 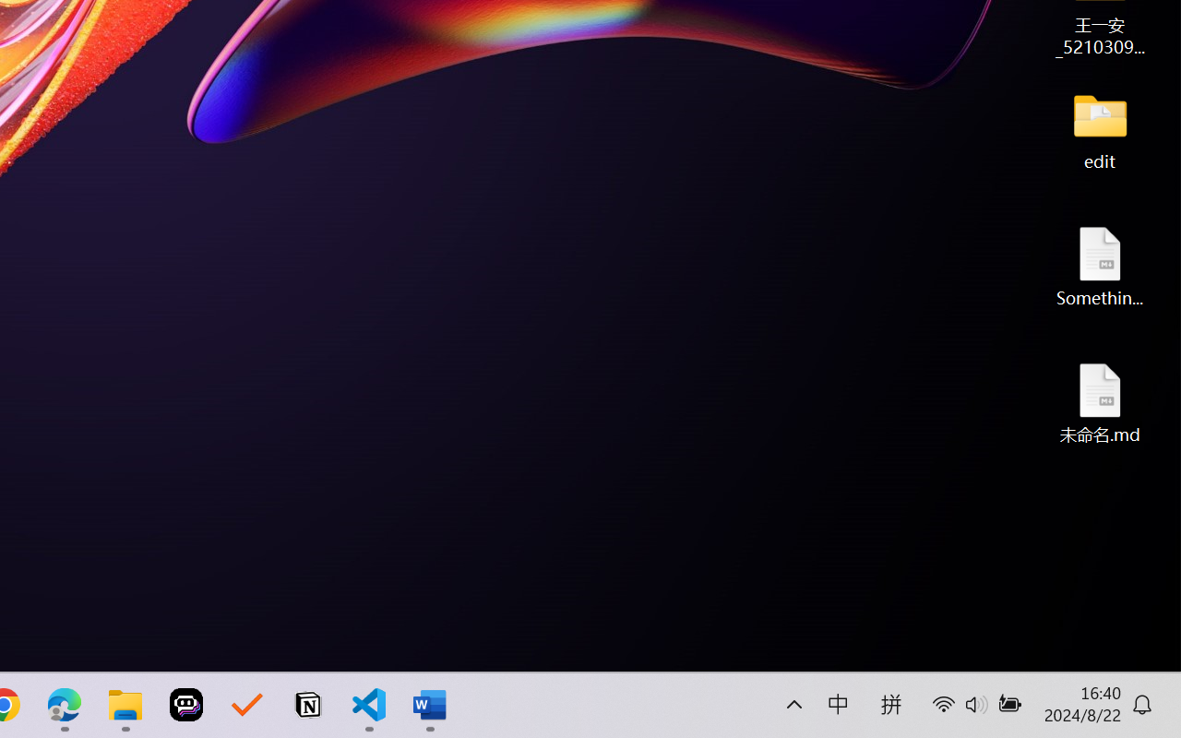 What do you see at coordinates (1100, 266) in the screenshot?
I see `'Something.md'` at bounding box center [1100, 266].